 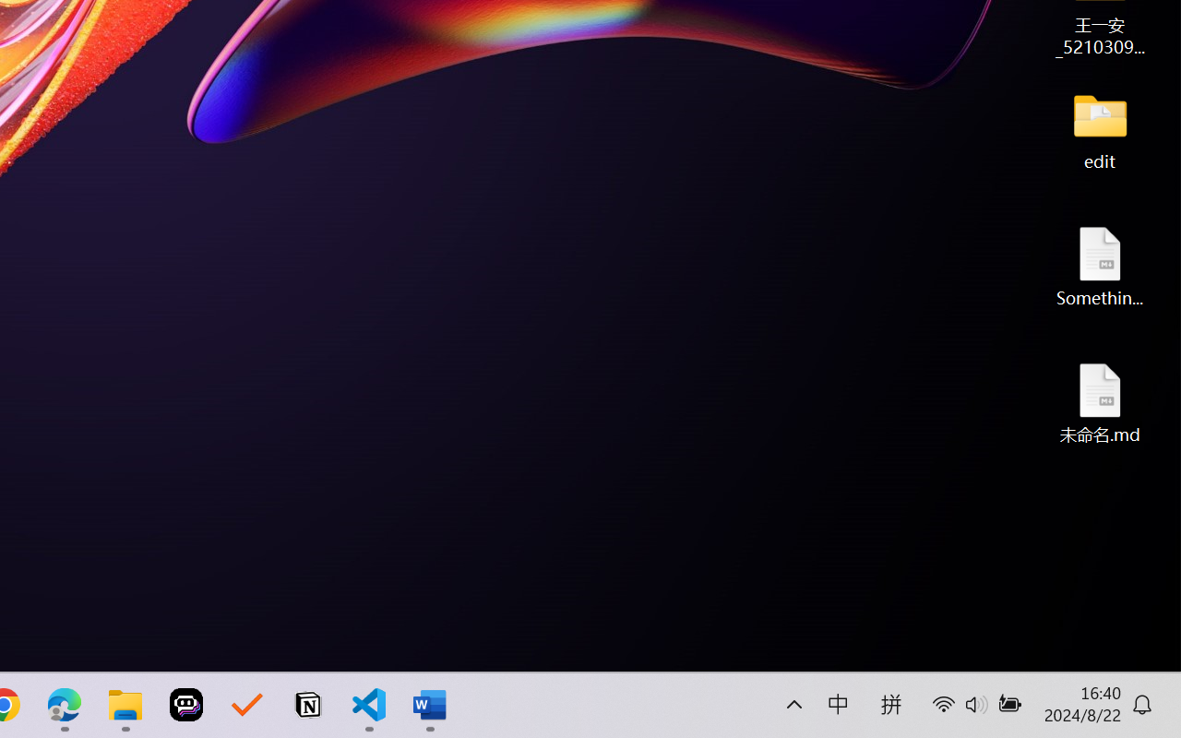 What do you see at coordinates (1100, 266) in the screenshot?
I see `'Something.md'` at bounding box center [1100, 266].